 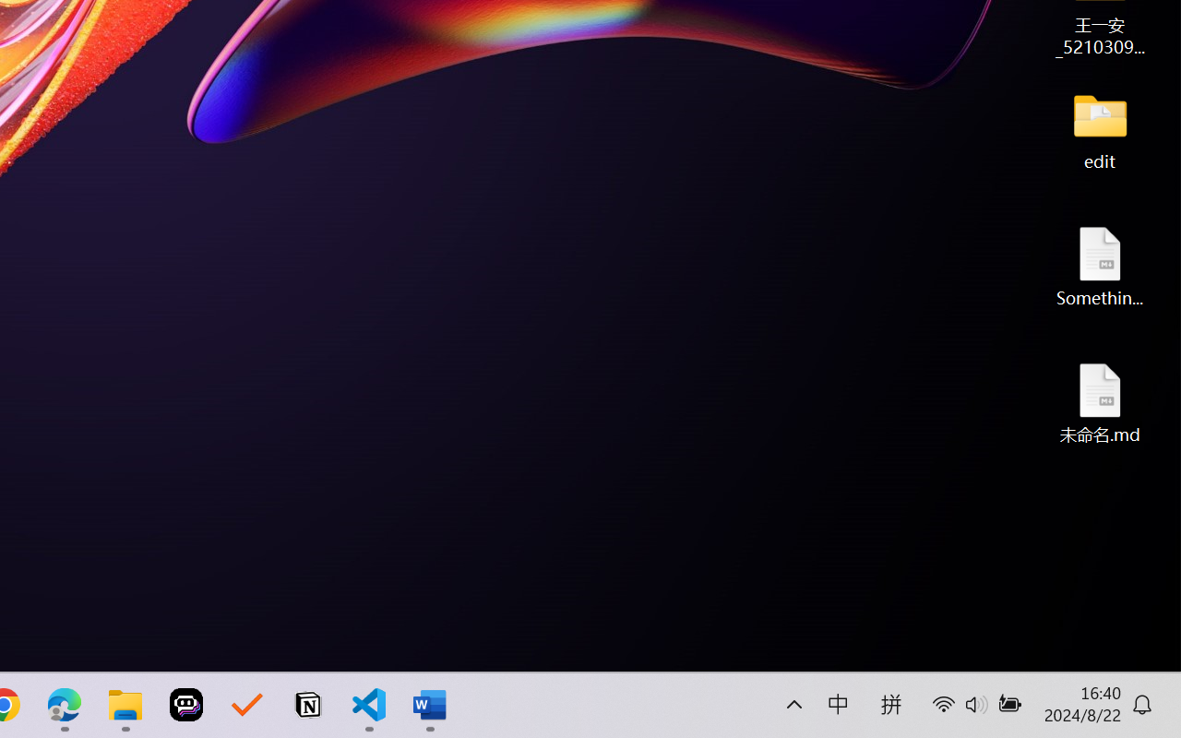 What do you see at coordinates (1100, 266) in the screenshot?
I see `'Something.md'` at bounding box center [1100, 266].